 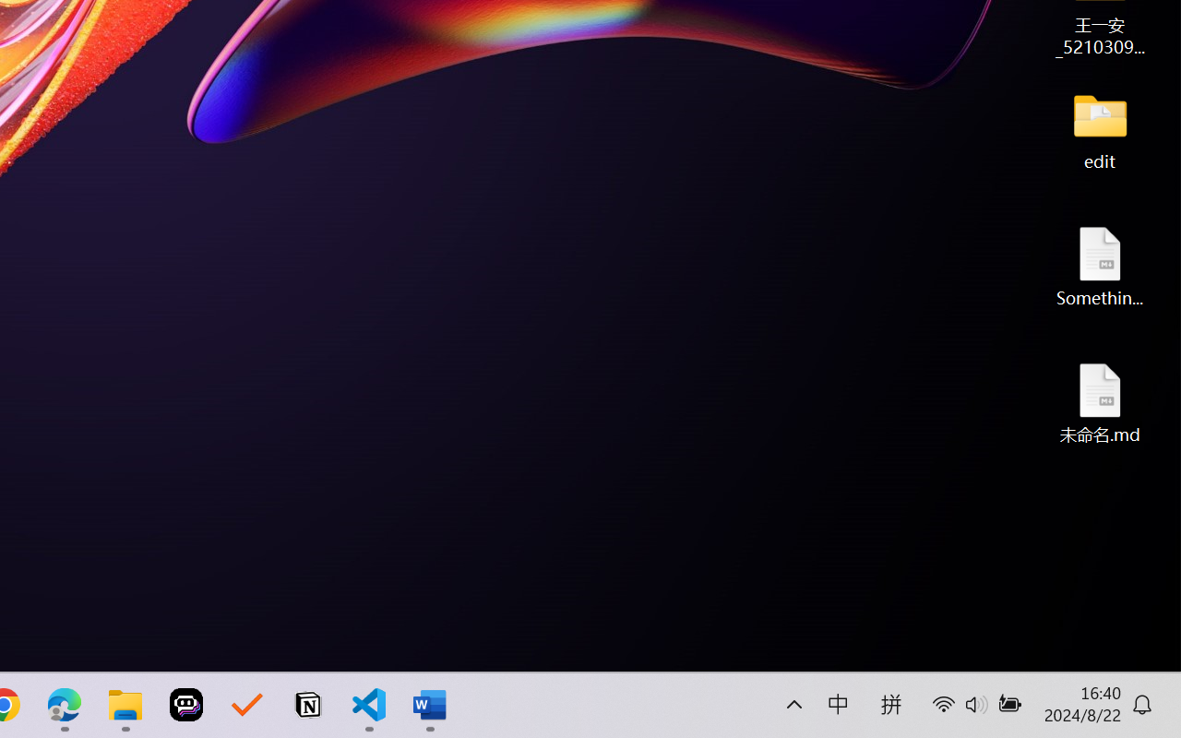 What do you see at coordinates (1100, 266) in the screenshot?
I see `'Something.md'` at bounding box center [1100, 266].